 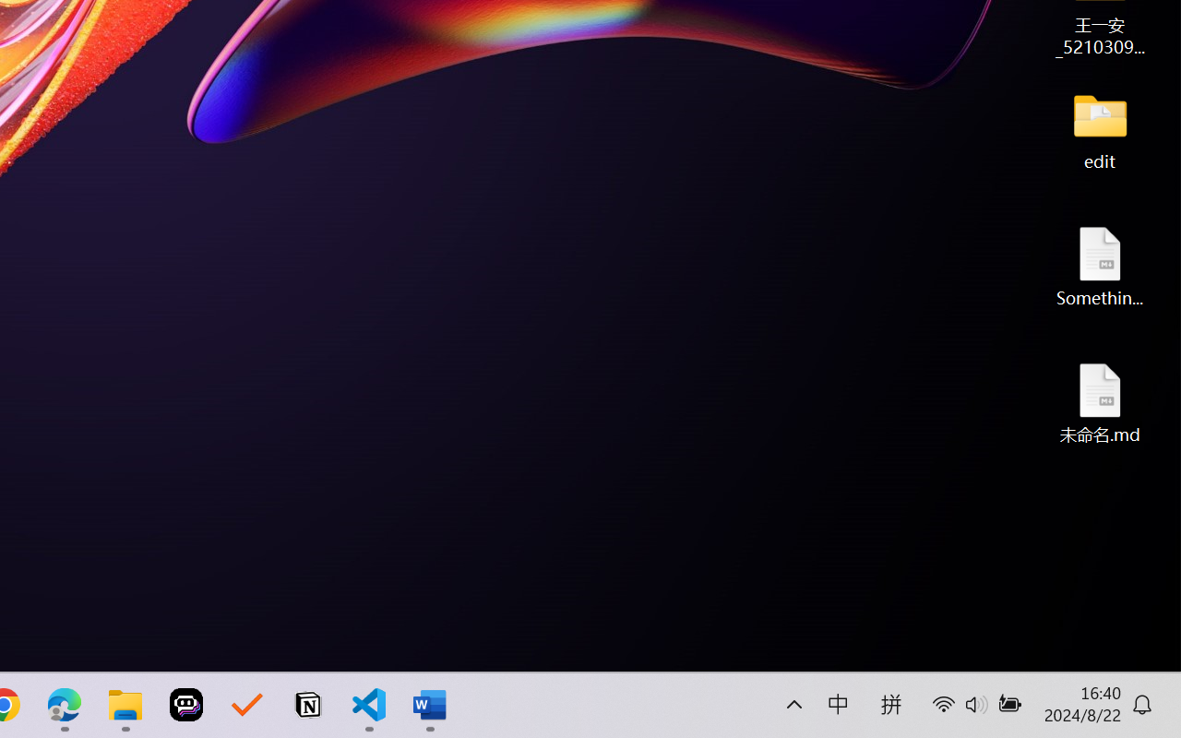 What do you see at coordinates (1100, 266) in the screenshot?
I see `'Something.md'` at bounding box center [1100, 266].